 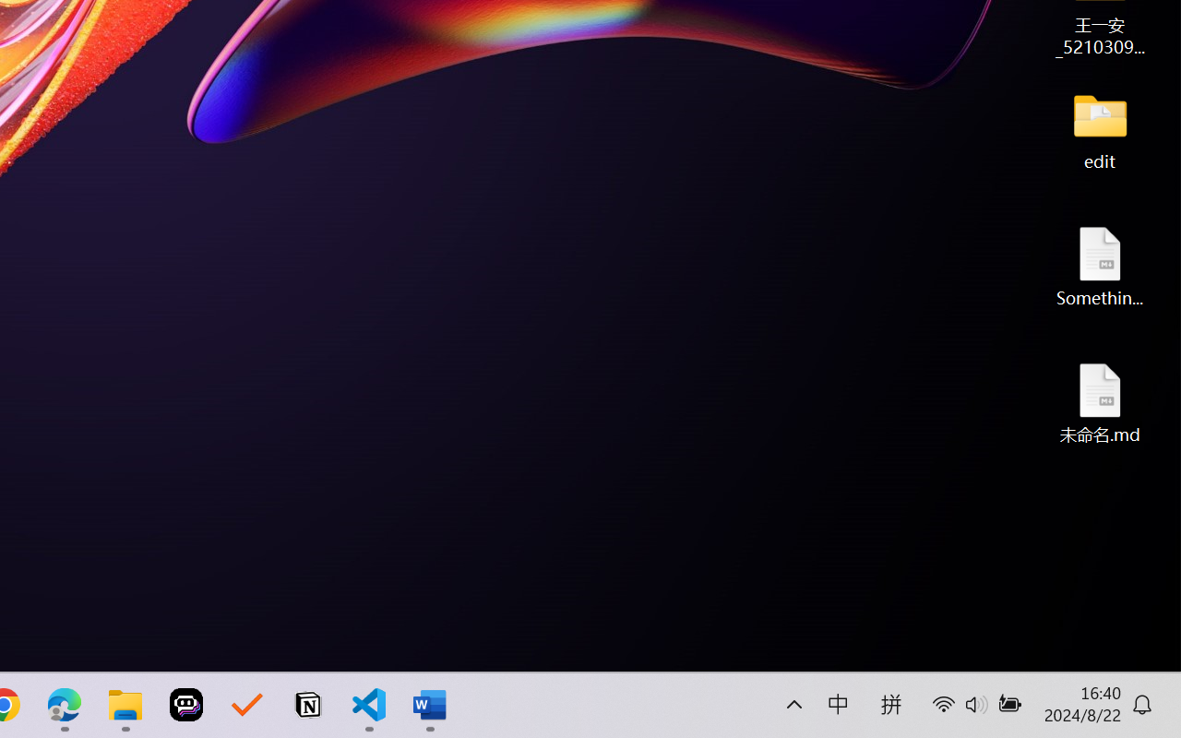 What do you see at coordinates (1100, 266) in the screenshot?
I see `'Something.md'` at bounding box center [1100, 266].